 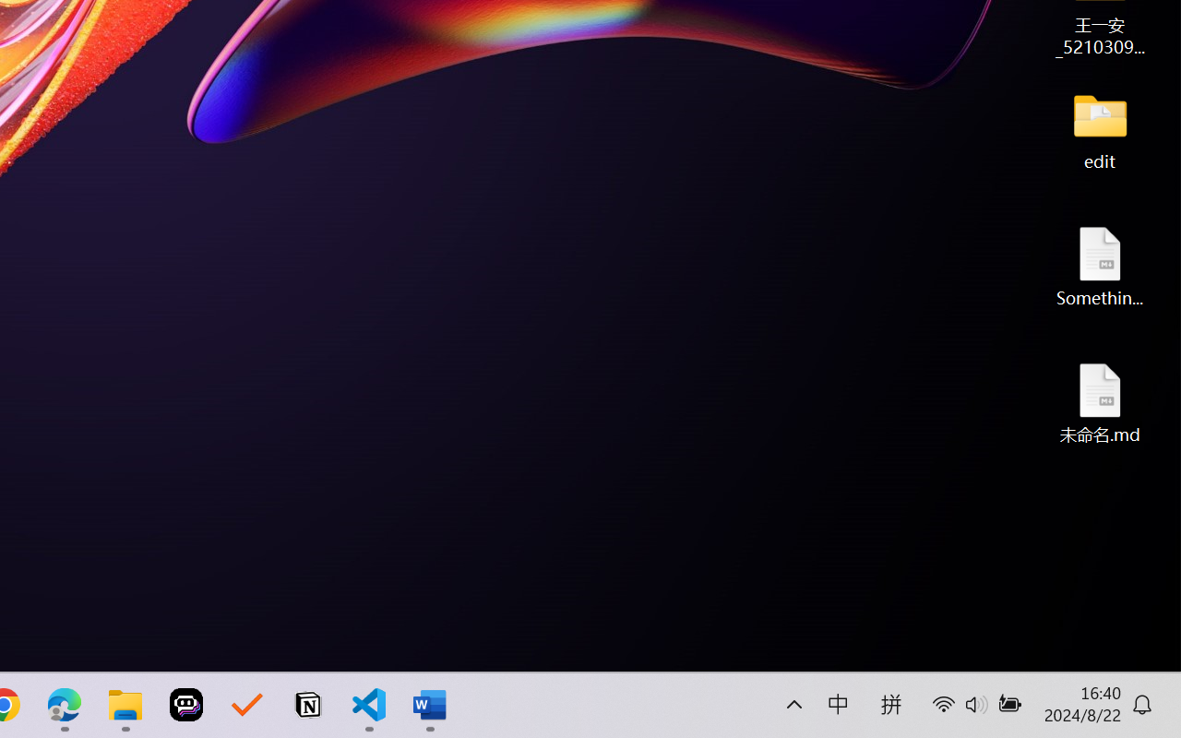 What do you see at coordinates (1100, 266) in the screenshot?
I see `'Something.md'` at bounding box center [1100, 266].